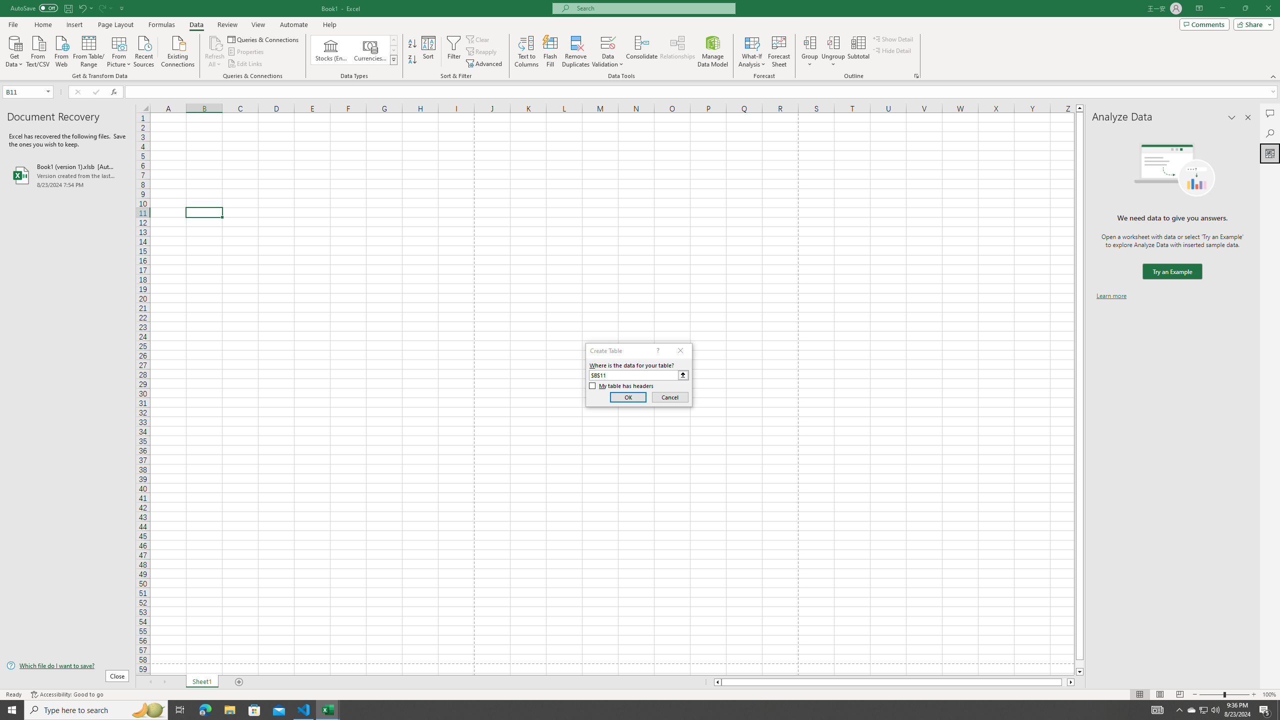 The height and width of the screenshot is (720, 1280). Describe the element at coordinates (144, 50) in the screenshot. I see `'Recent Sources'` at that location.